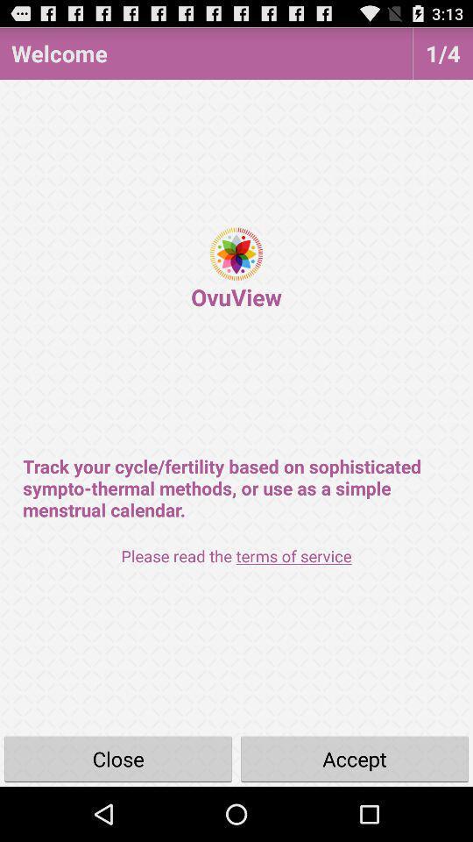  Describe the element at coordinates (355, 758) in the screenshot. I see `button to the right of close button` at that location.